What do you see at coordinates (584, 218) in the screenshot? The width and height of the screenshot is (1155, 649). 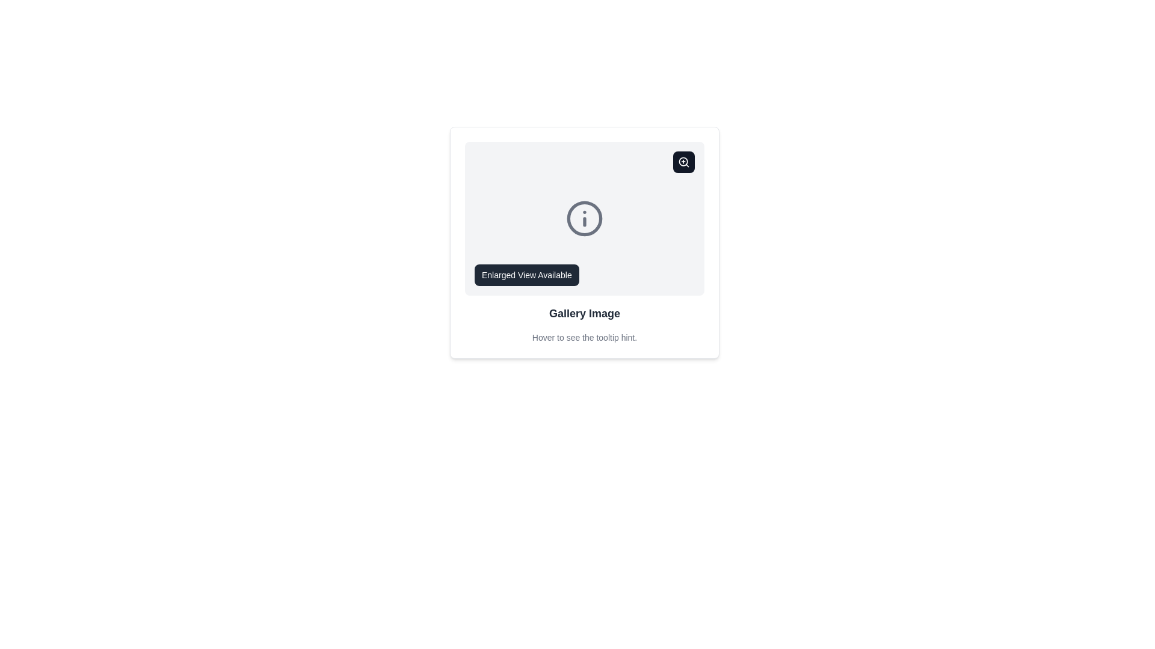 I see `the information icon, which features a circular border and an italic letter 'i', positioned between the zoom icon and the 'Gallery Image' label` at bounding box center [584, 218].